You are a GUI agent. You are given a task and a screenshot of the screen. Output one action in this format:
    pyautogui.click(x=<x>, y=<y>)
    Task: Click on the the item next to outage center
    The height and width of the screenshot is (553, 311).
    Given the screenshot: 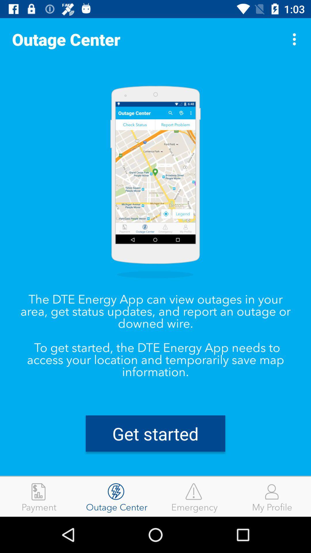 What is the action you would take?
    pyautogui.click(x=39, y=496)
    